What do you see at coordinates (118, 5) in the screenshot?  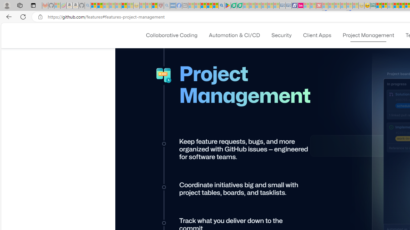 I see `'New Report Confirms 2023 Was Record Hot | Watch - Sleeping'` at bounding box center [118, 5].